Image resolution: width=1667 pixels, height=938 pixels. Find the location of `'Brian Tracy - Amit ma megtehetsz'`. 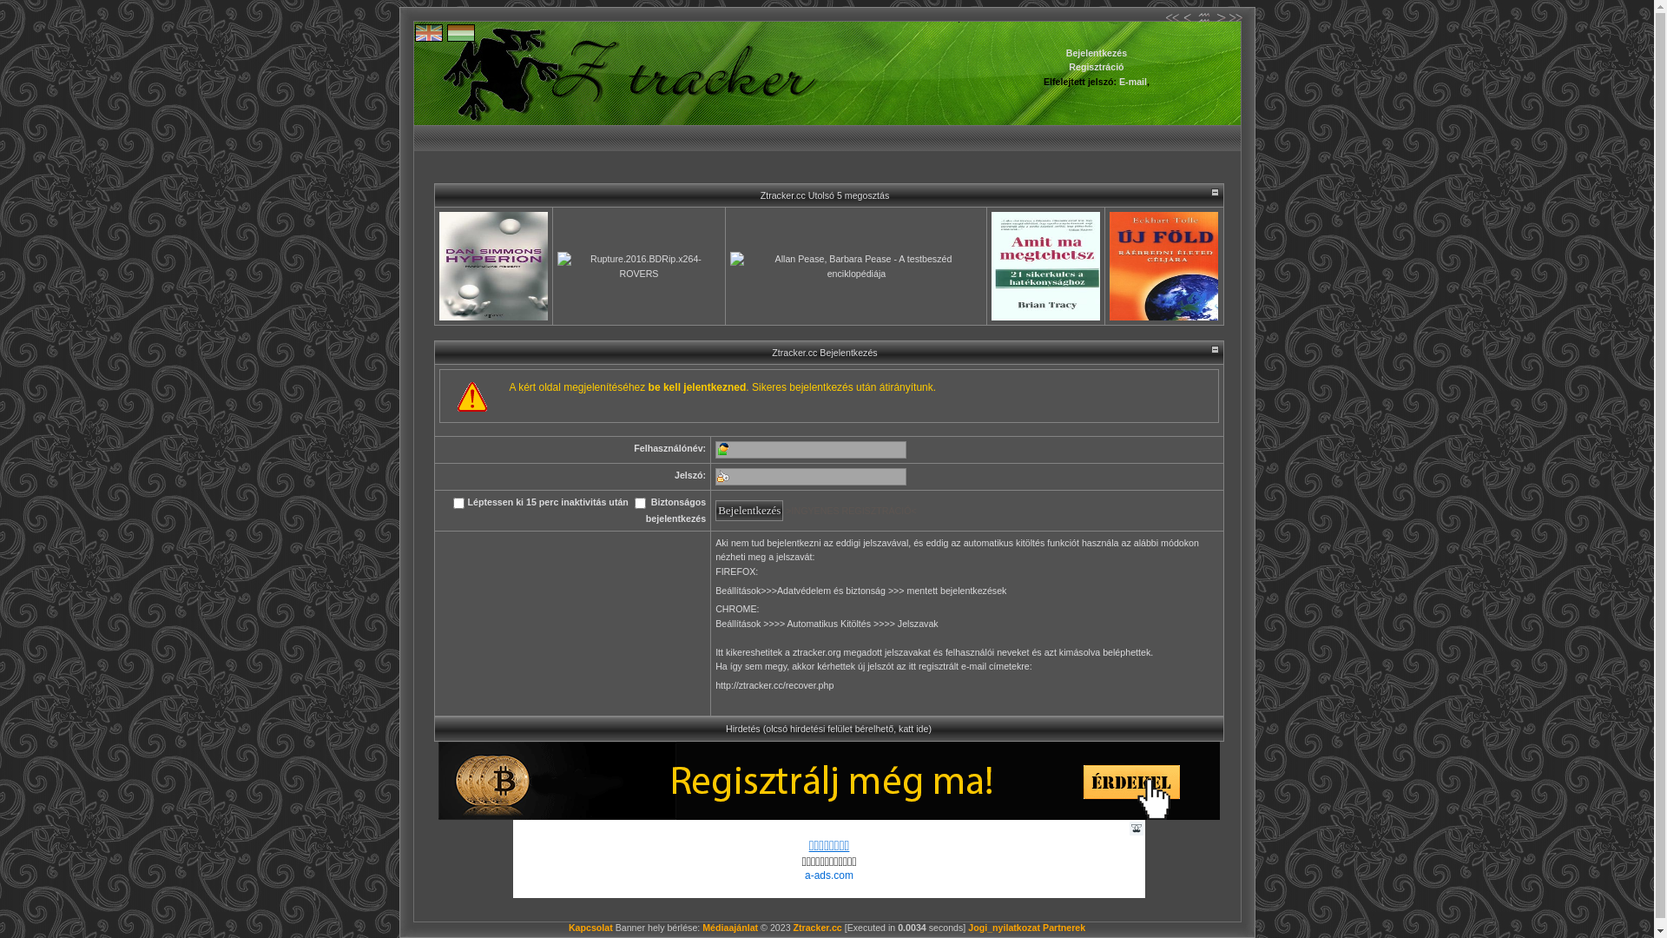

'Brian Tracy - Amit ma megtehetsz' is located at coordinates (1044, 266).